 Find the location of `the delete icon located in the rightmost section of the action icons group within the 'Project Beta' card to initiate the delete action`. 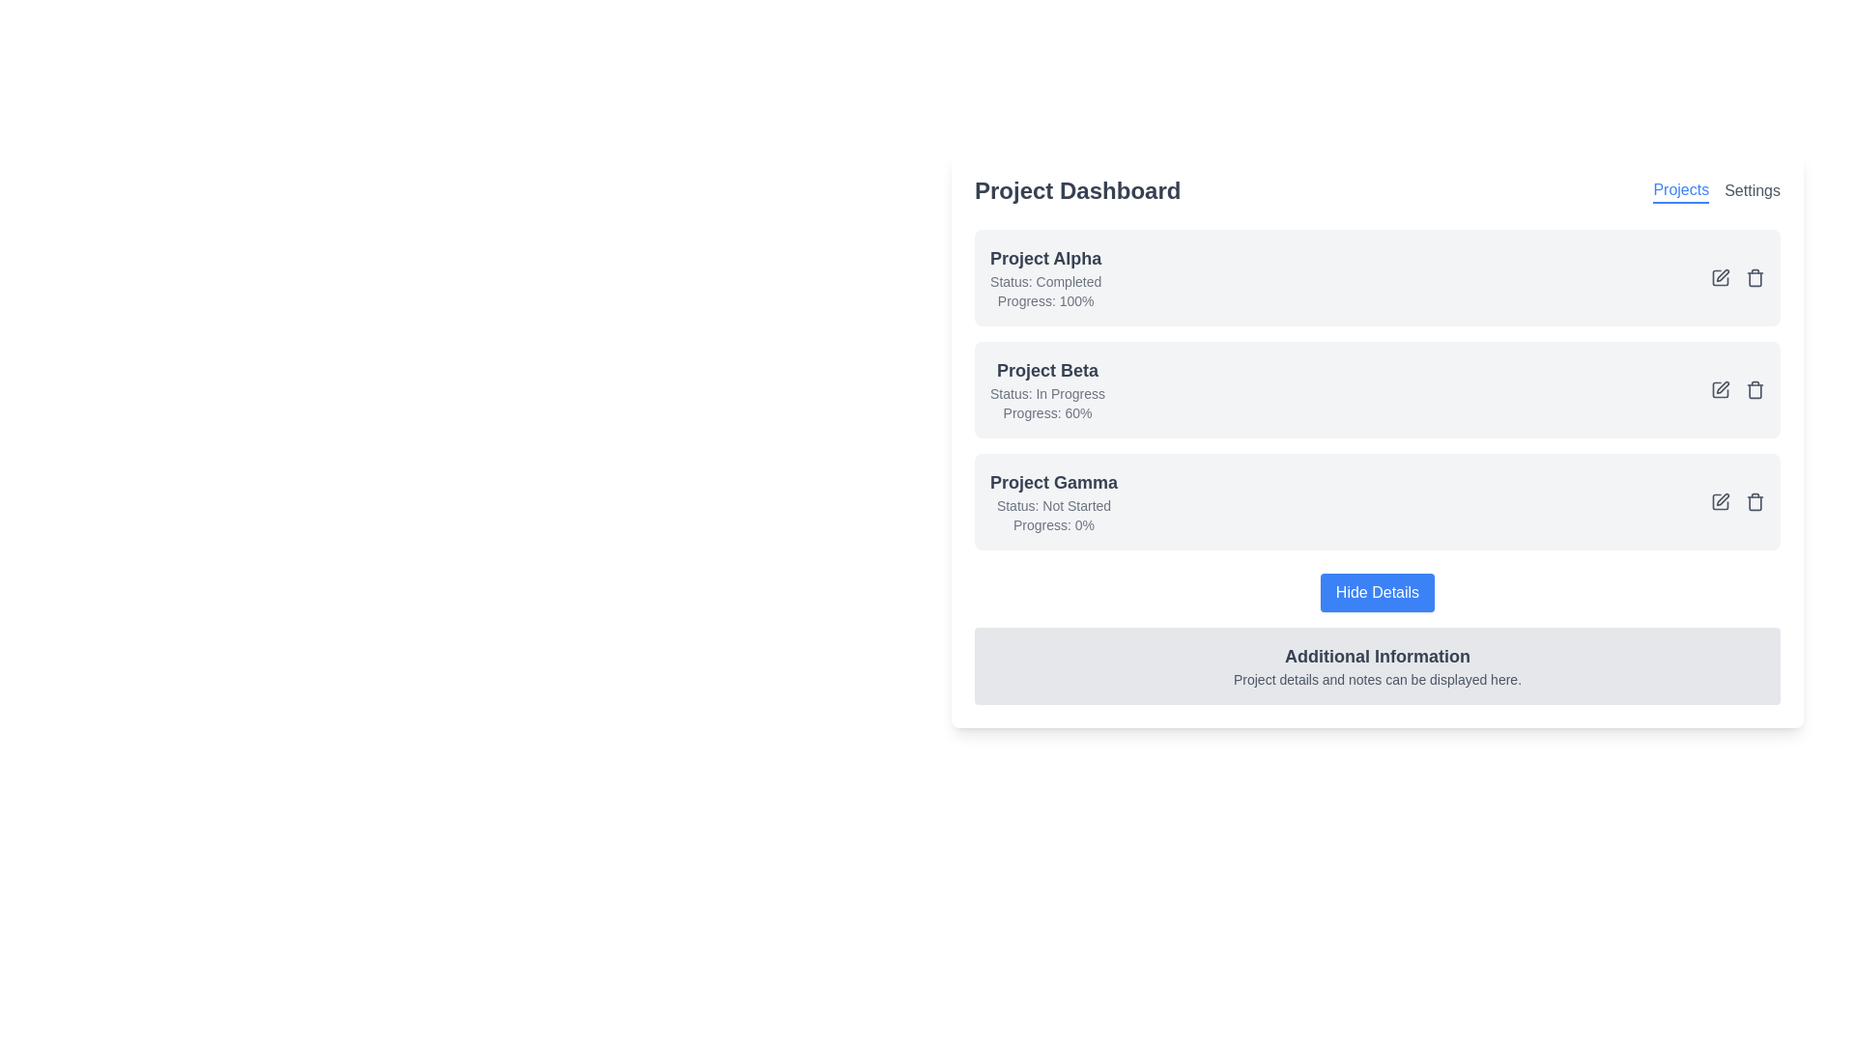

the delete icon located in the rightmost section of the action icons group within the 'Project Beta' card to initiate the delete action is located at coordinates (1755, 390).